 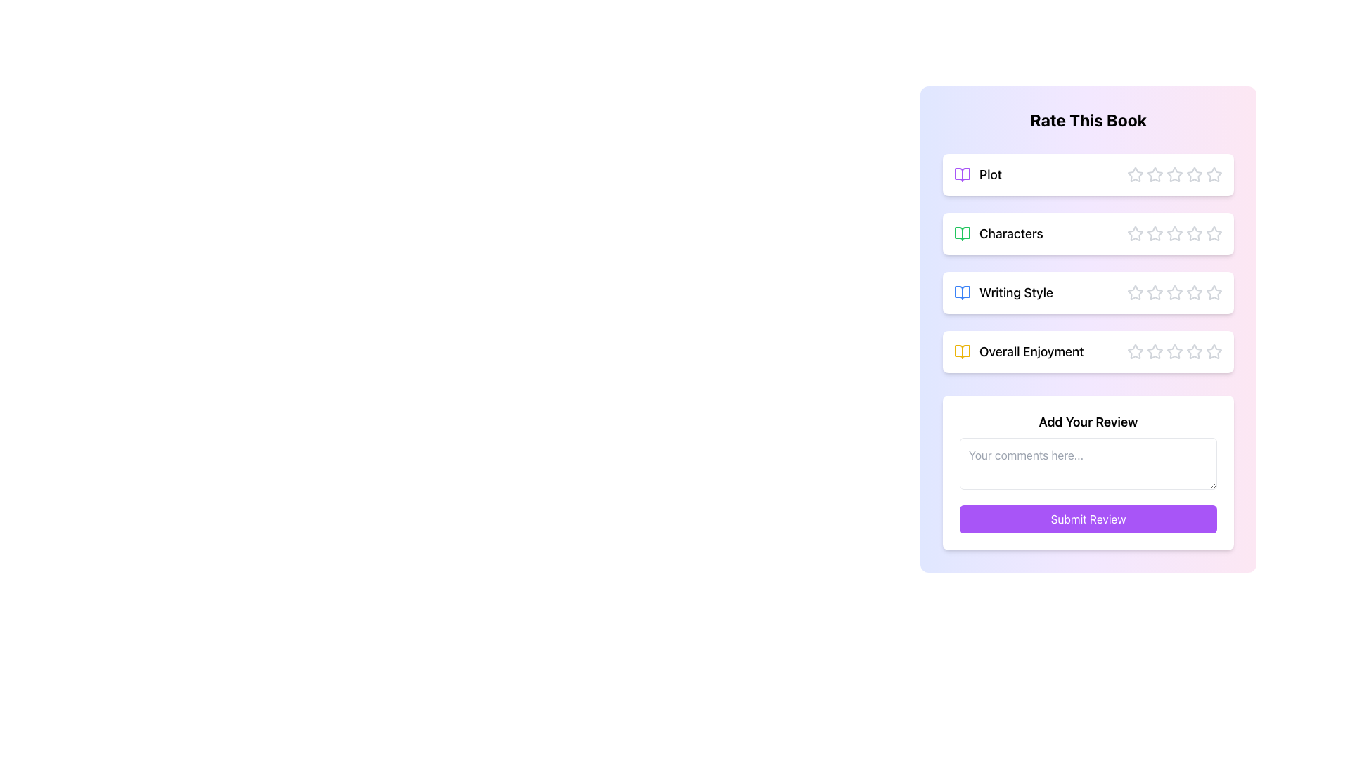 I want to click on the sixth star in the horizontal row of stars in the 'Overall Enjoyment' section, so click(x=1194, y=351).